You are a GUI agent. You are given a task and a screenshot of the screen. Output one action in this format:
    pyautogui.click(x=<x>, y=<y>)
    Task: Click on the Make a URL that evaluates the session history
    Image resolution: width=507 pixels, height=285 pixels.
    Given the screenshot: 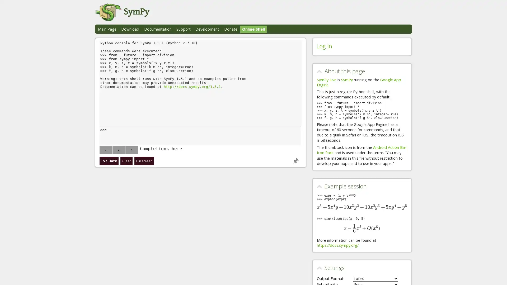 What is the action you would take?
    pyautogui.click(x=295, y=160)
    